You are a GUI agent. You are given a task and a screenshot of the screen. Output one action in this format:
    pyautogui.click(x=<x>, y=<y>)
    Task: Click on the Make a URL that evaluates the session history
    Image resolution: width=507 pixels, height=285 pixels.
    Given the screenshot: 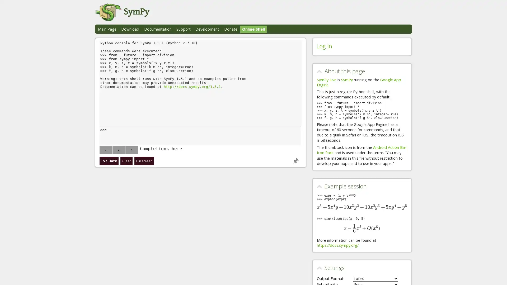 What is the action you would take?
    pyautogui.click(x=295, y=160)
    